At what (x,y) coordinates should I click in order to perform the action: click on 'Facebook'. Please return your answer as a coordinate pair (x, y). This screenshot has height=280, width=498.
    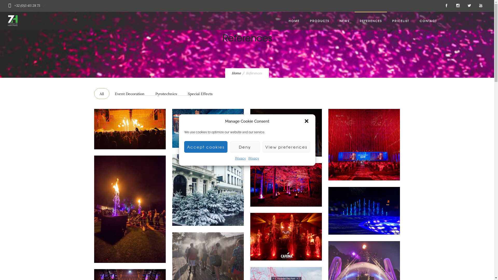
    Looking at the image, I should click on (446, 6).